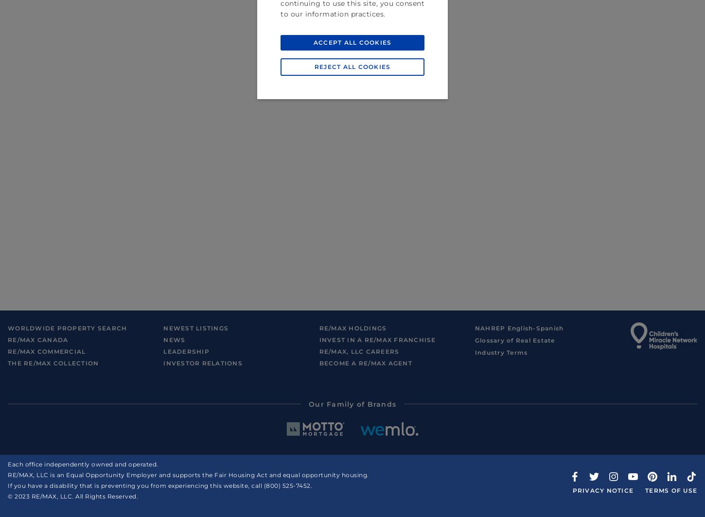 The height and width of the screenshot is (517, 705). Describe the element at coordinates (359, 351) in the screenshot. I see `'RE/MAX, LLC Careers'` at that location.